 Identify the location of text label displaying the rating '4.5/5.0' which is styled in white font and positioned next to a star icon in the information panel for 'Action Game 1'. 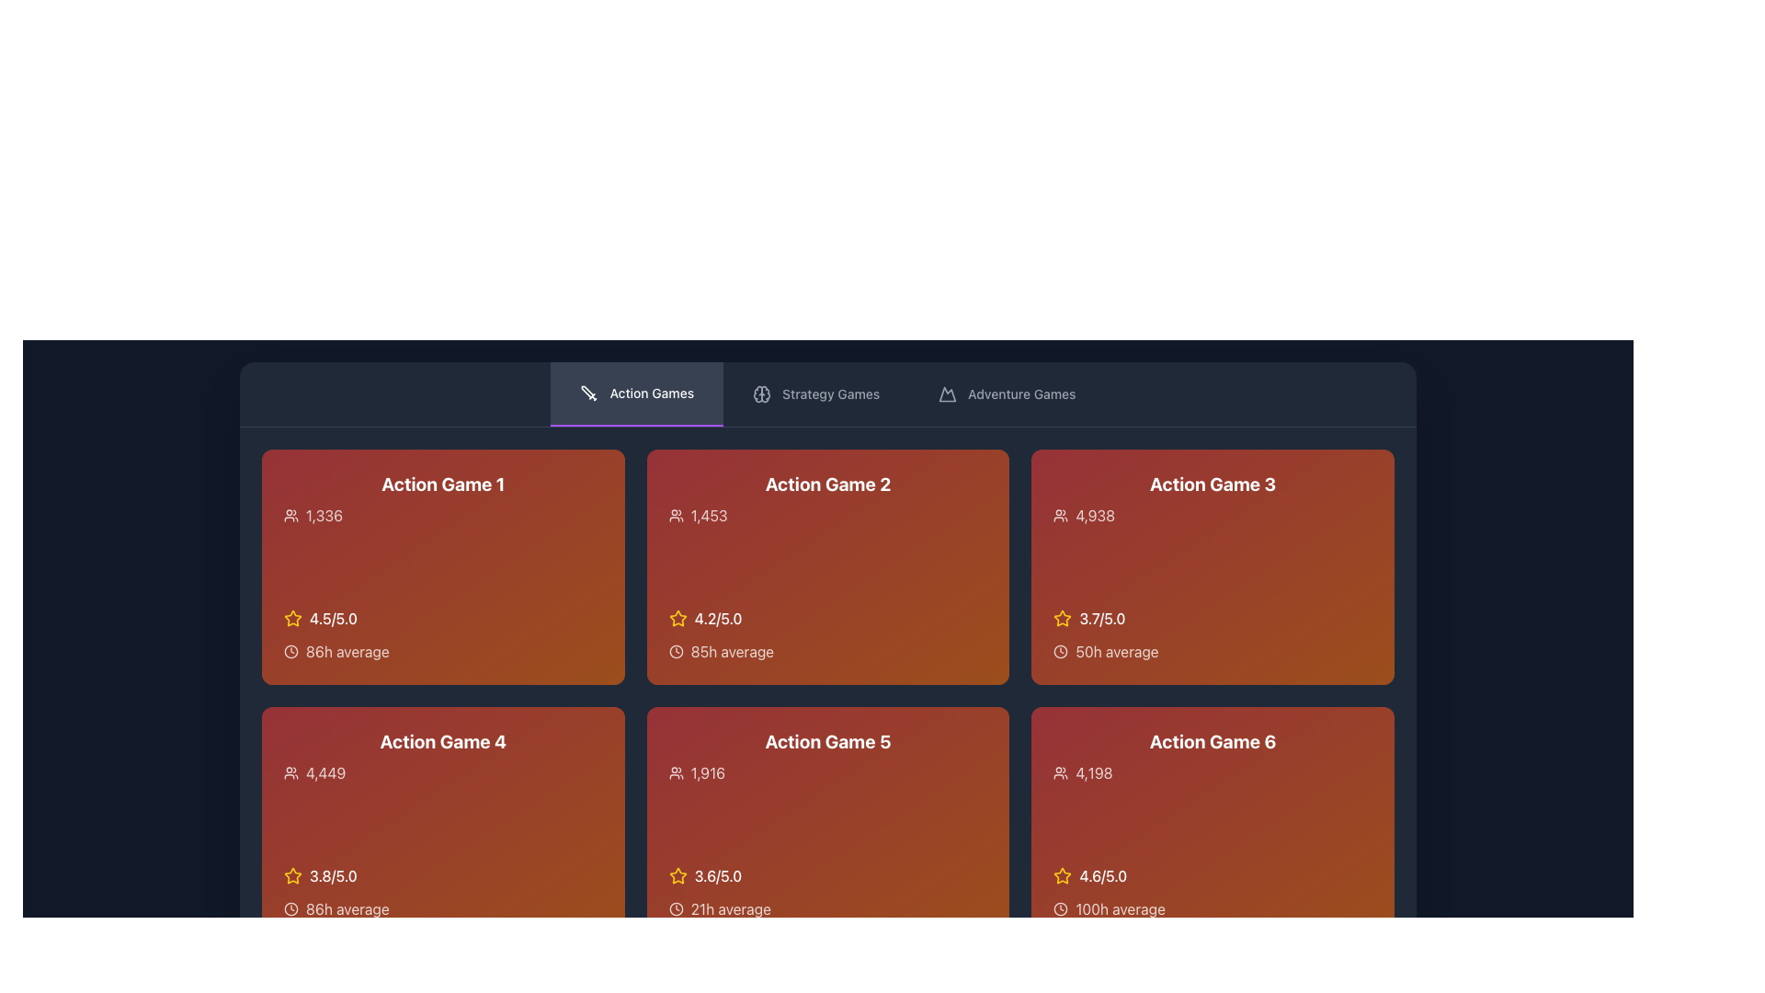
(333, 618).